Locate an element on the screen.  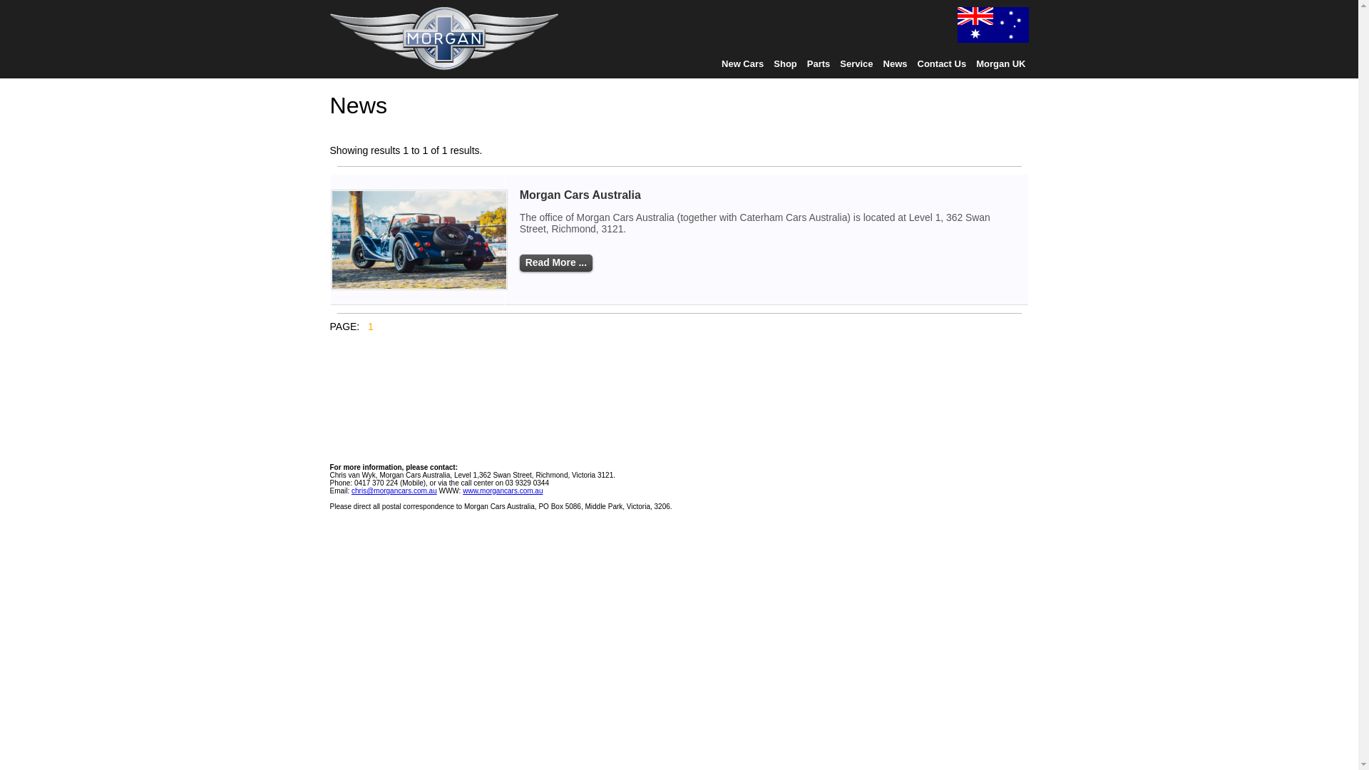
'Morgan Cars Australia' is located at coordinates (580, 195).